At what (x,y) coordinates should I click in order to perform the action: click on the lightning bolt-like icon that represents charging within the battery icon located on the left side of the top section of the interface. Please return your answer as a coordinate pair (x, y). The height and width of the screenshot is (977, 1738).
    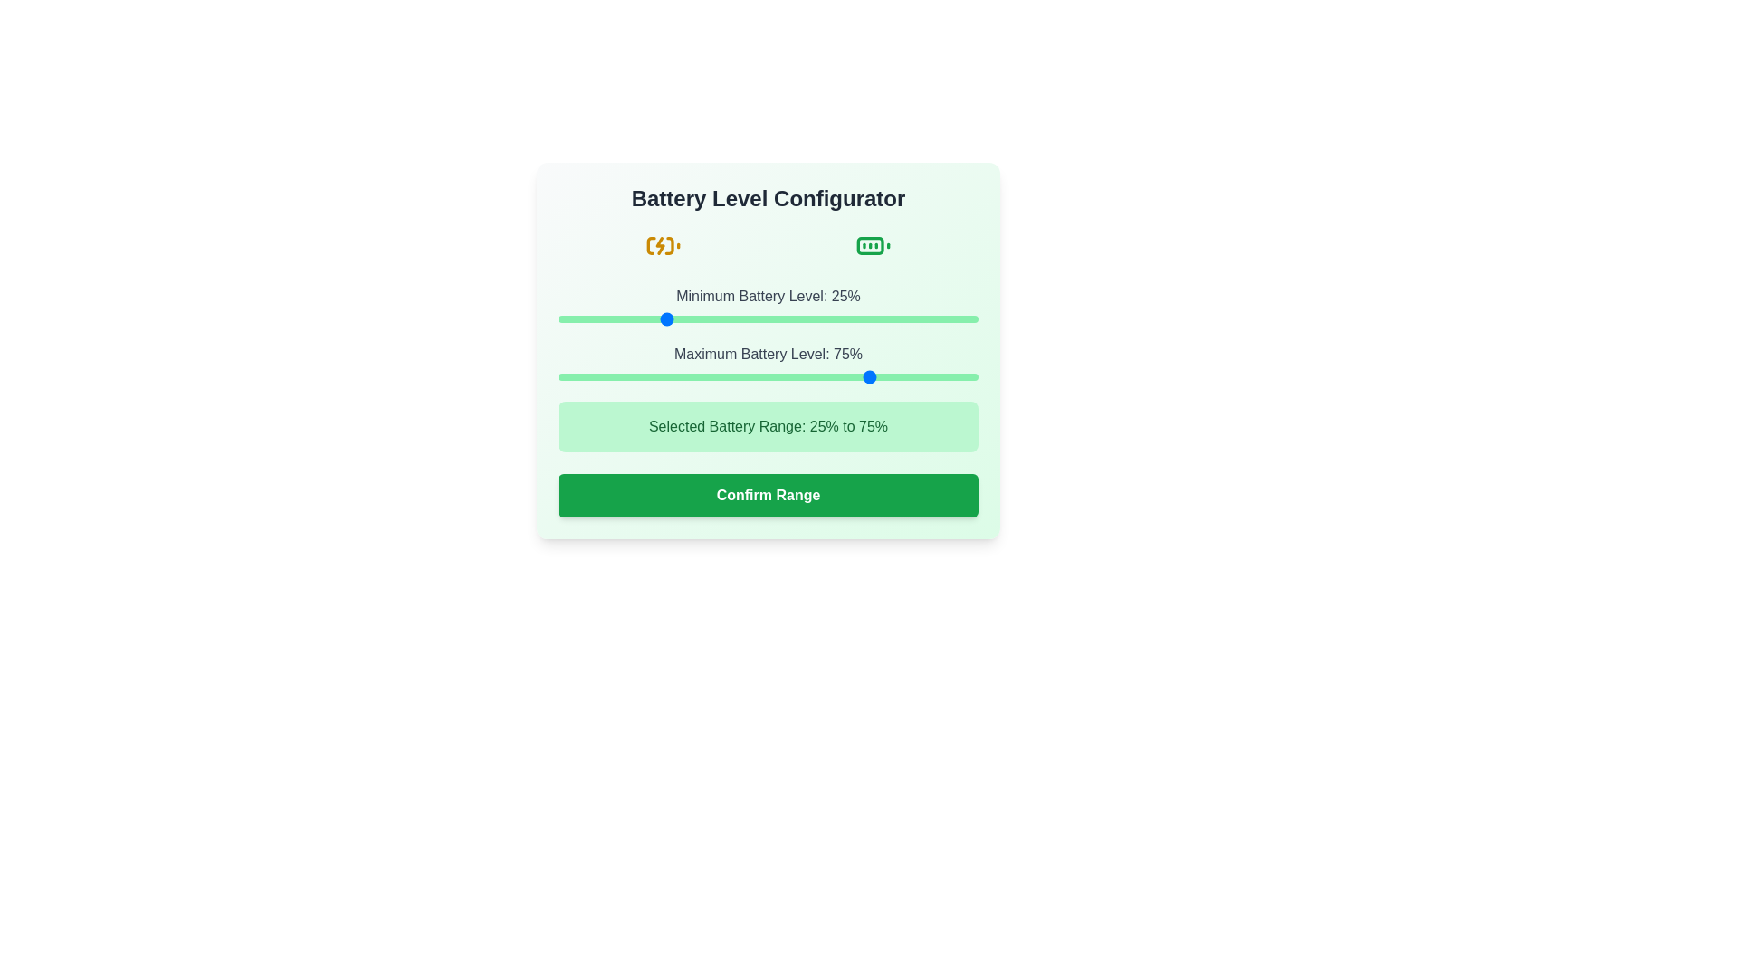
    Looking at the image, I should click on (659, 246).